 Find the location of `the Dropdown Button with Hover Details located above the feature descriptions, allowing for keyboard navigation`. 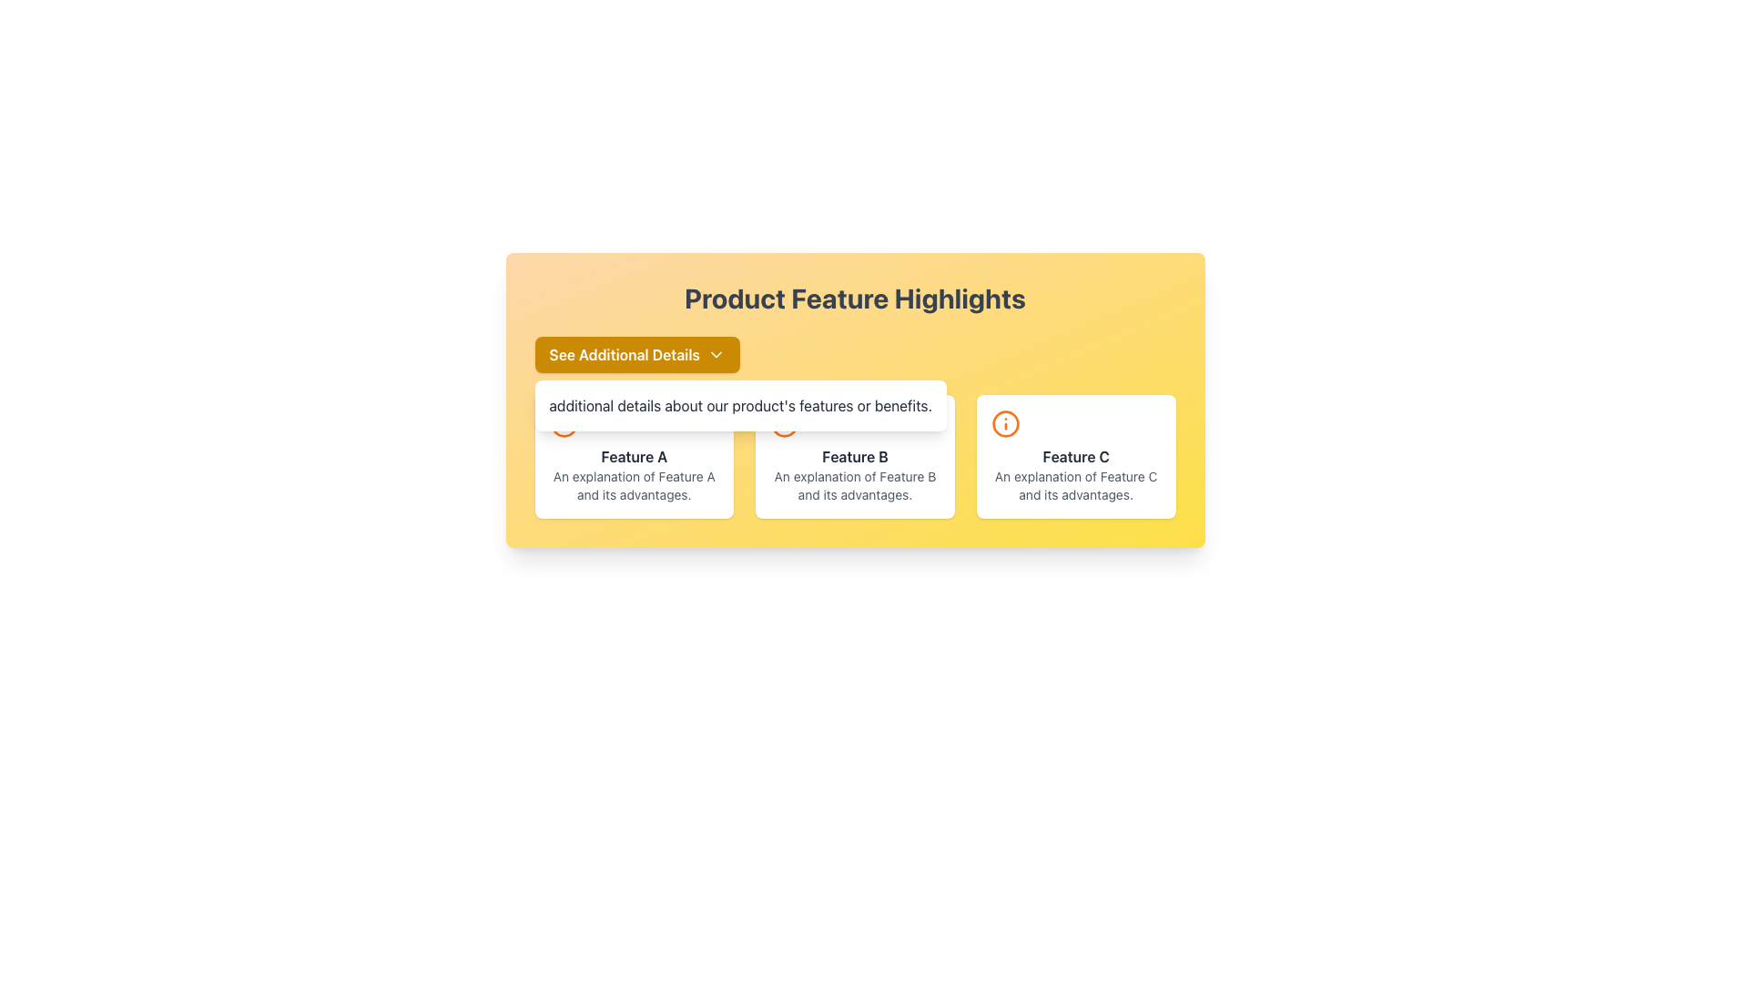

the Dropdown Button with Hover Details located above the feature descriptions, allowing for keyboard navigation is located at coordinates (854, 354).